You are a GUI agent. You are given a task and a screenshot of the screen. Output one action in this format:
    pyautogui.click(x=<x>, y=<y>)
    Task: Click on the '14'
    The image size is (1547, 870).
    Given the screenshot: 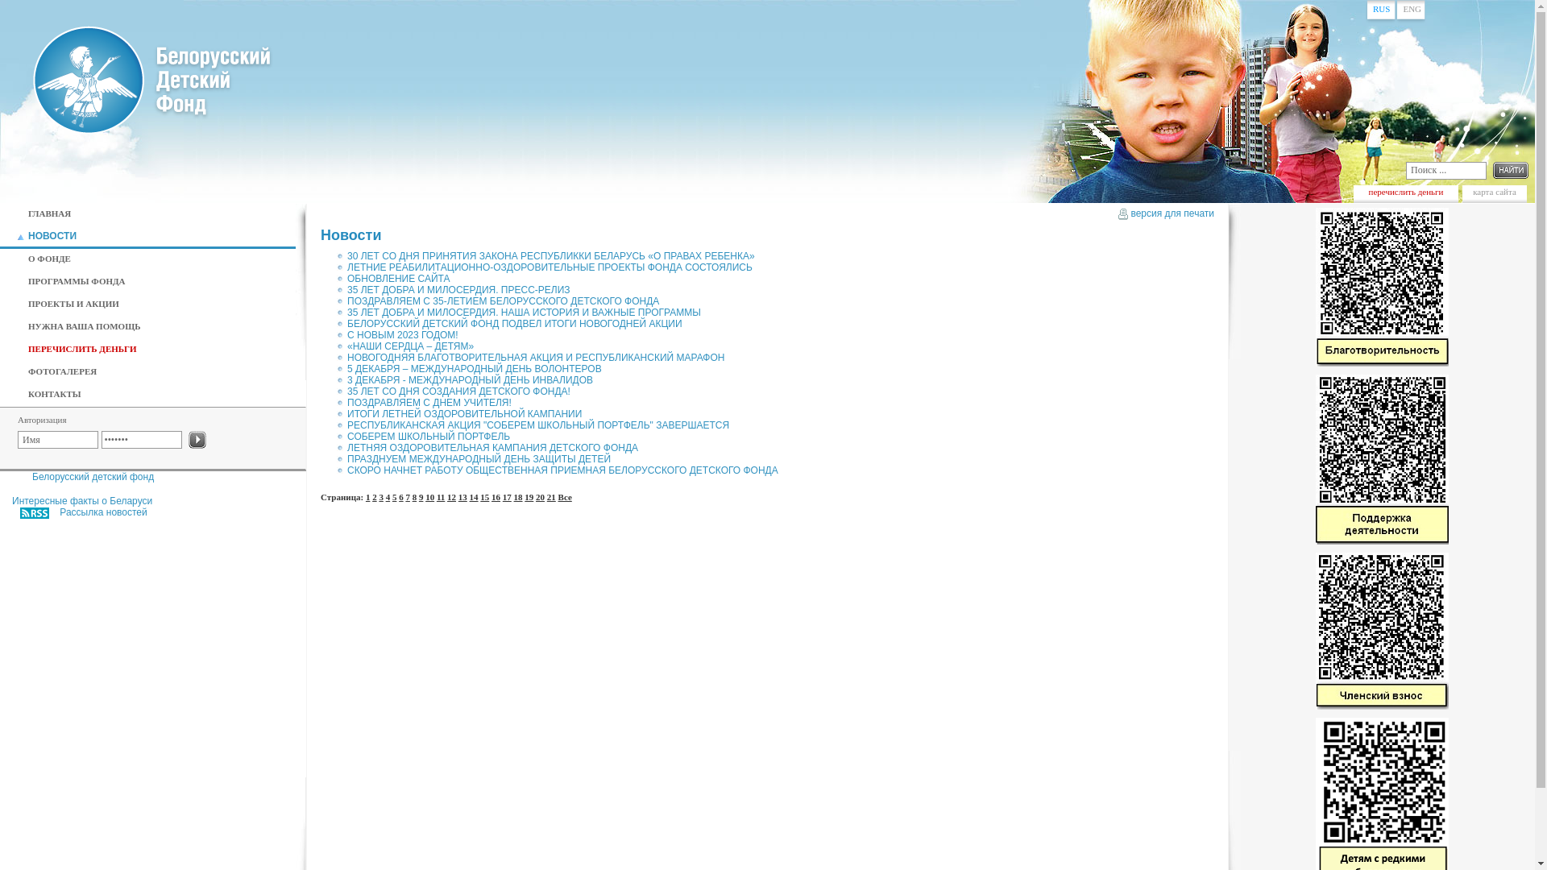 What is the action you would take?
    pyautogui.click(x=473, y=492)
    